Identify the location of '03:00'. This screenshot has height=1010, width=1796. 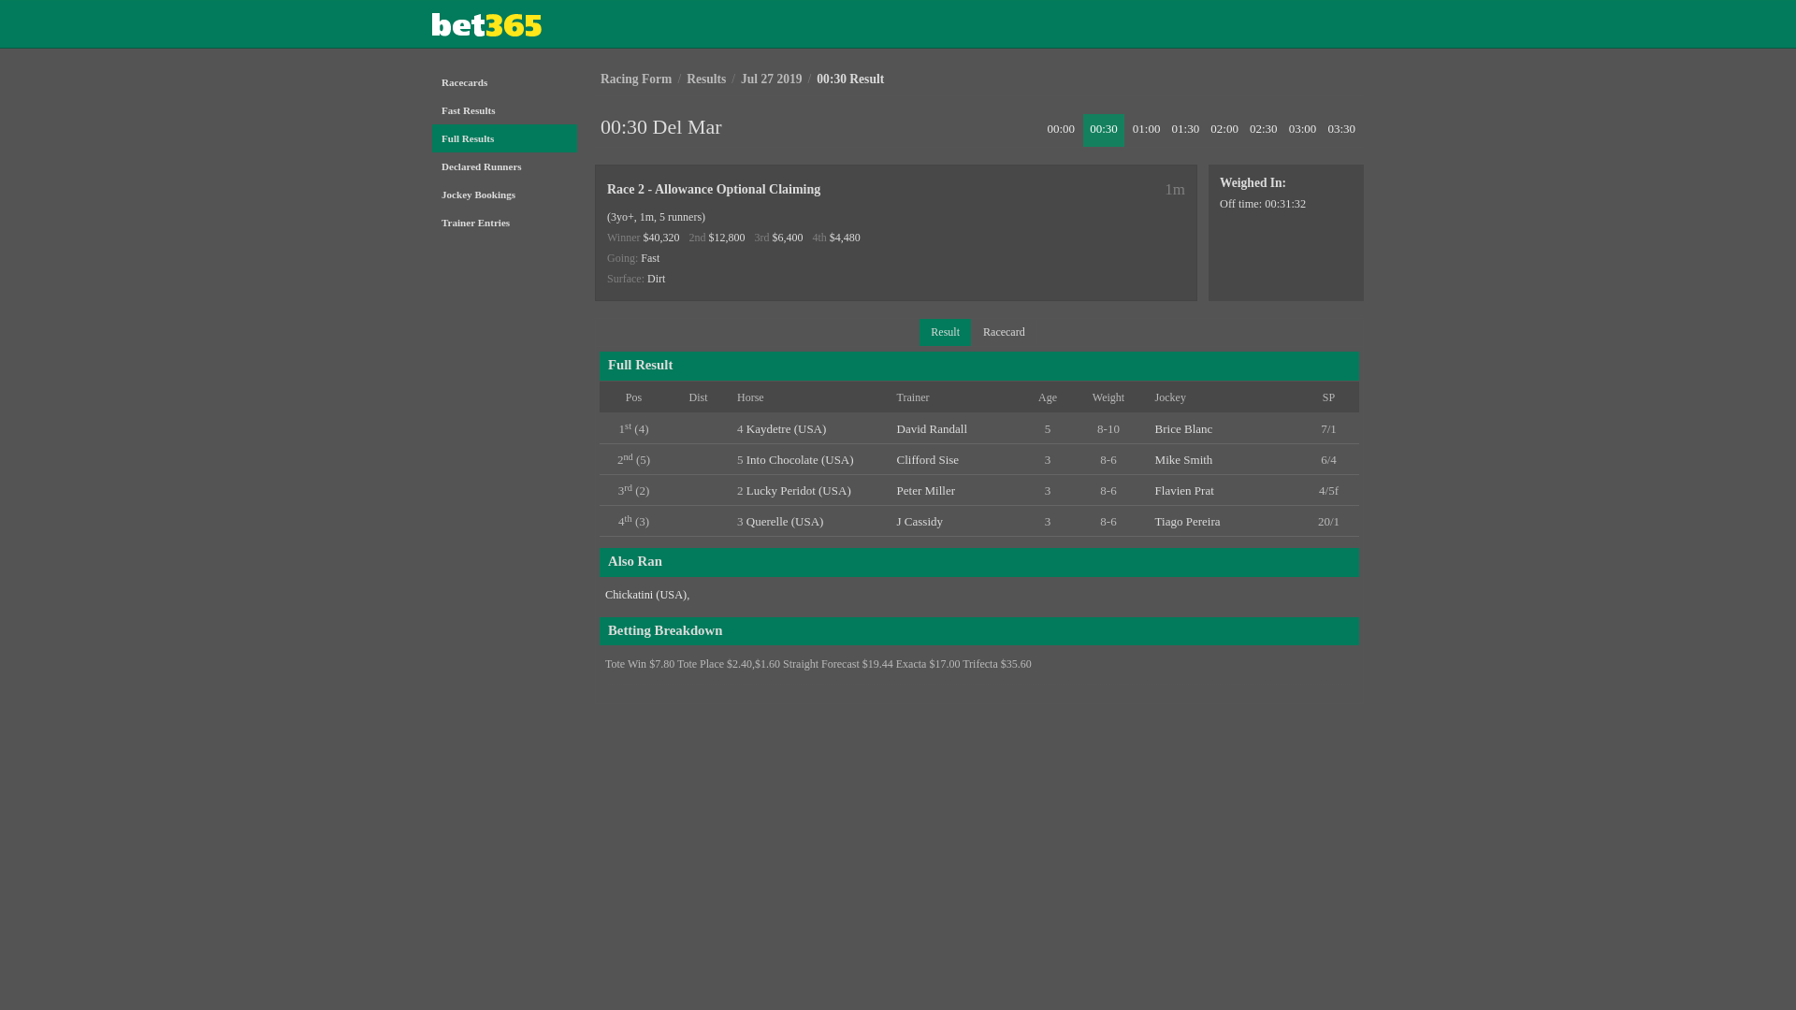
(1301, 130).